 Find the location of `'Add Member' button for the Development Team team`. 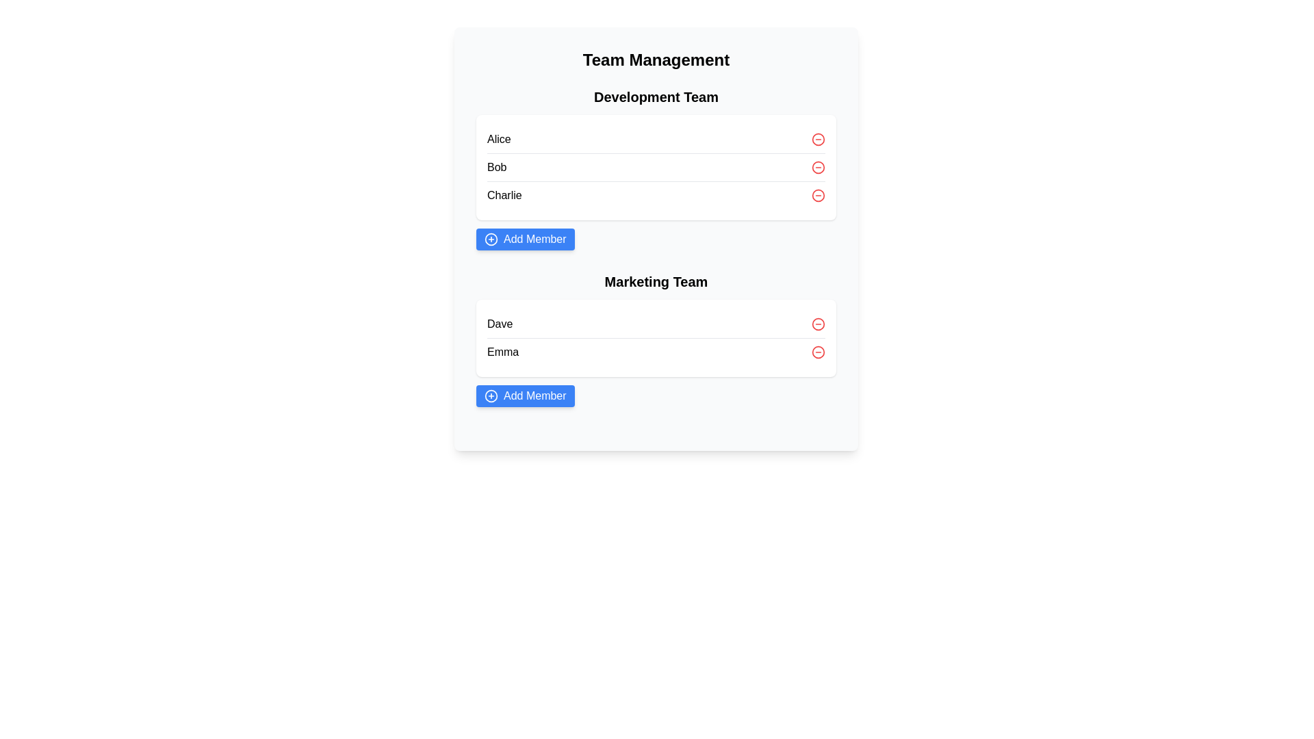

'Add Member' button for the Development Team team is located at coordinates (524, 239).